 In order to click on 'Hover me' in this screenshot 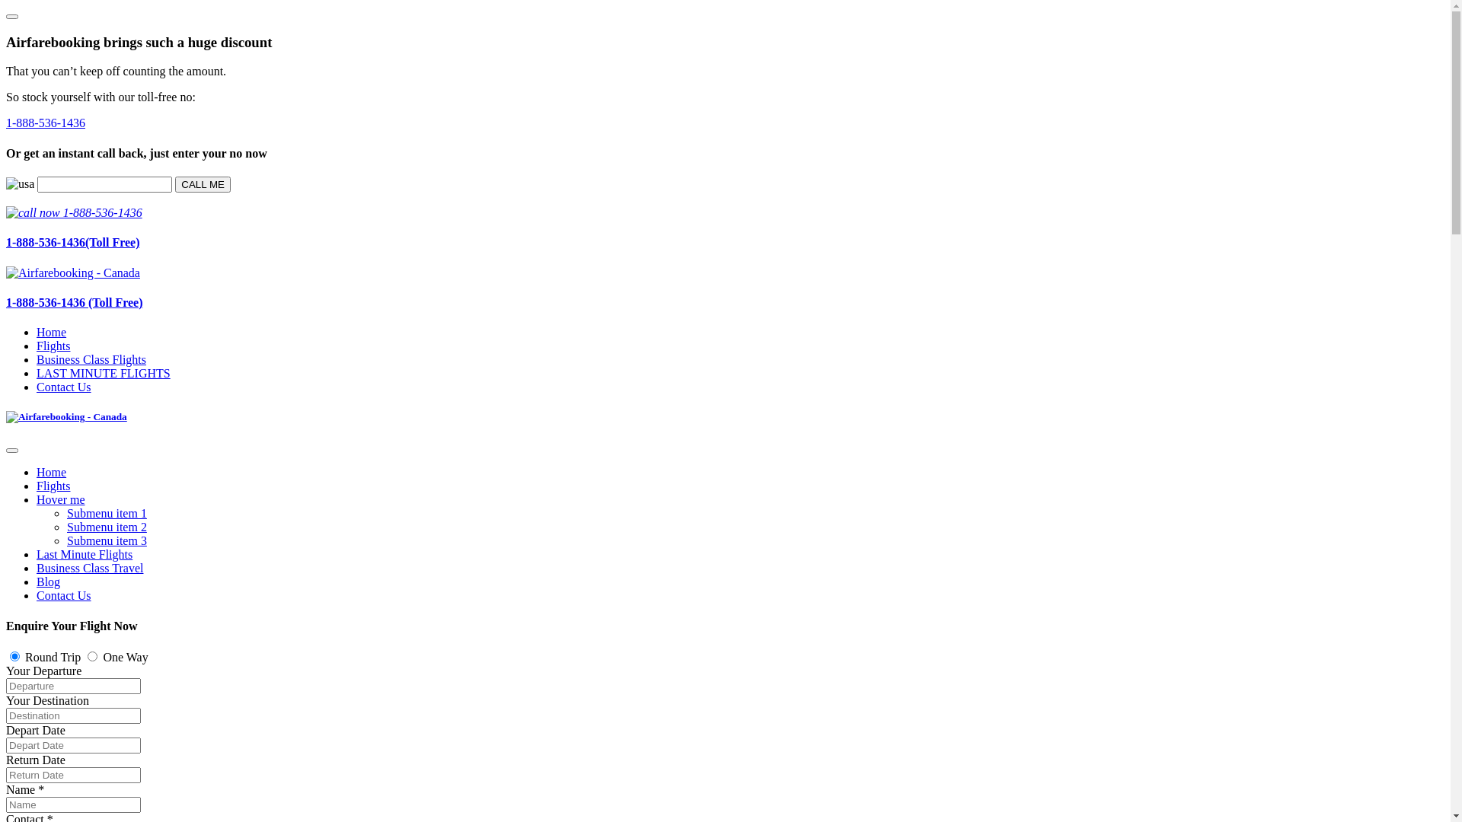, I will do `click(61, 499)`.